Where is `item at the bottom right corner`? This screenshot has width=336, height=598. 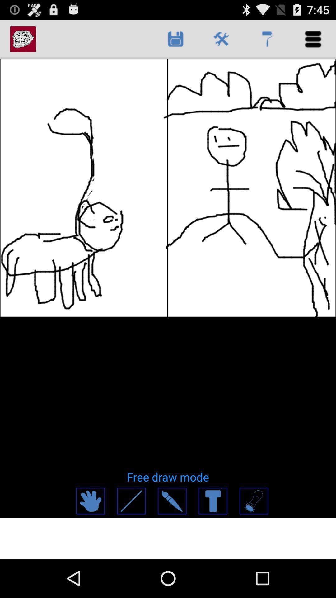 item at the bottom right corner is located at coordinates (254, 501).